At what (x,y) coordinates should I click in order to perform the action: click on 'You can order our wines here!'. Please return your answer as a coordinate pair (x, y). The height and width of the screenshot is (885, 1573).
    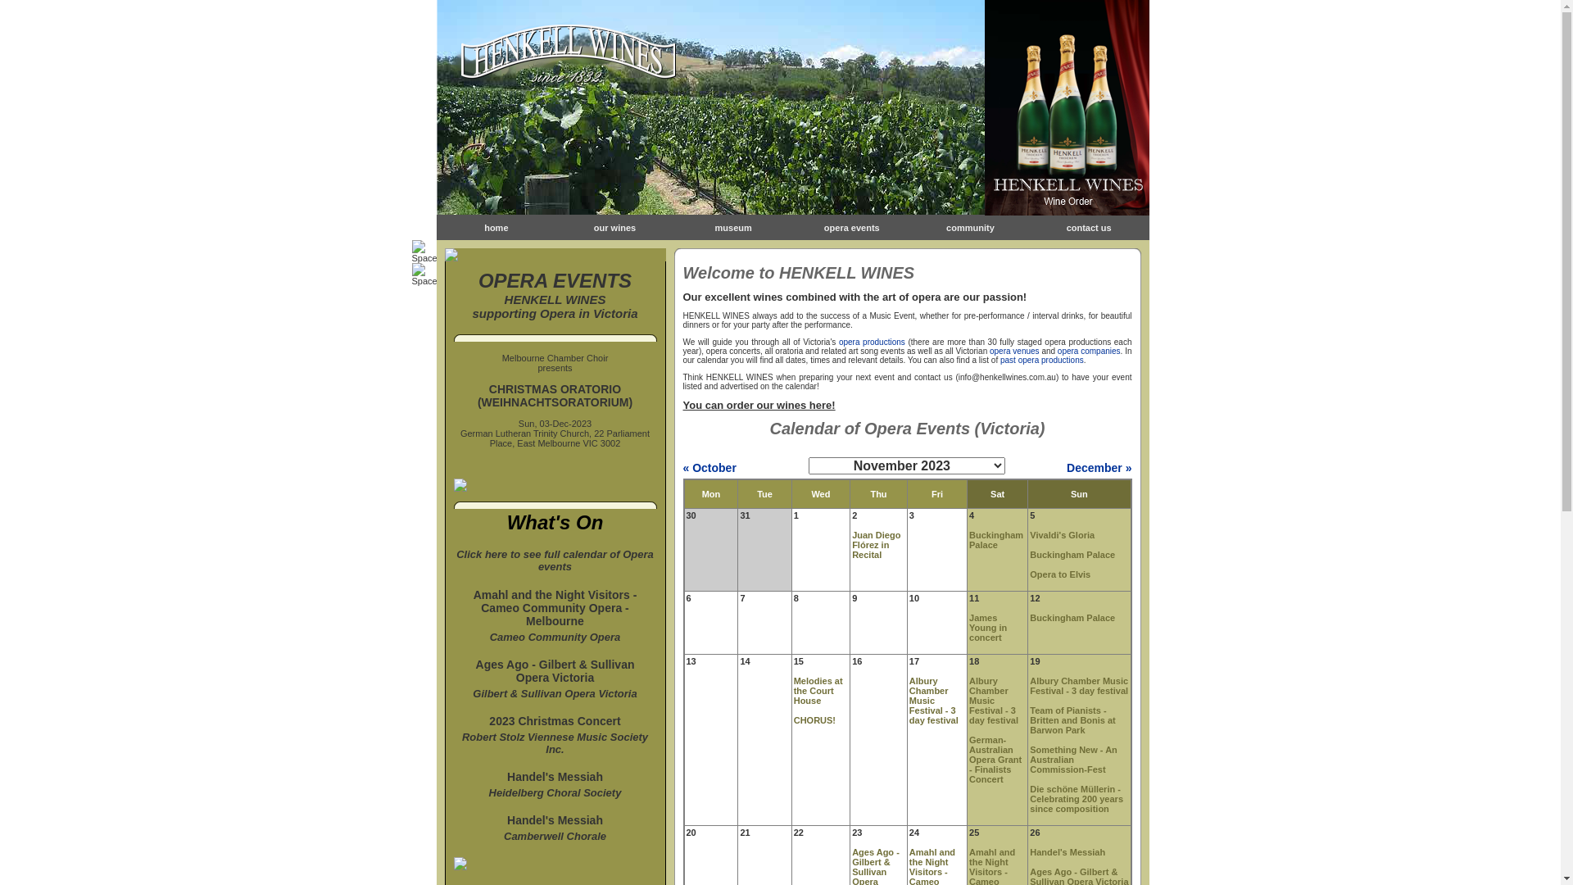
    Looking at the image, I should click on (683, 405).